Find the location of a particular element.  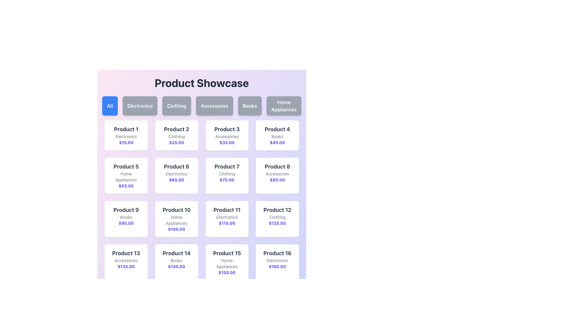

the information displayed in the card titled 'Product 7' with a white background and rounded corners, located in the third column of the second row of the grid layout is located at coordinates (227, 175).